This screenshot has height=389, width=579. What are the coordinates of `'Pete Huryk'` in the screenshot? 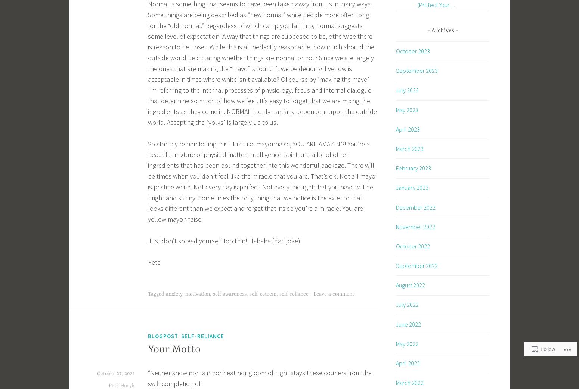 It's located at (121, 386).